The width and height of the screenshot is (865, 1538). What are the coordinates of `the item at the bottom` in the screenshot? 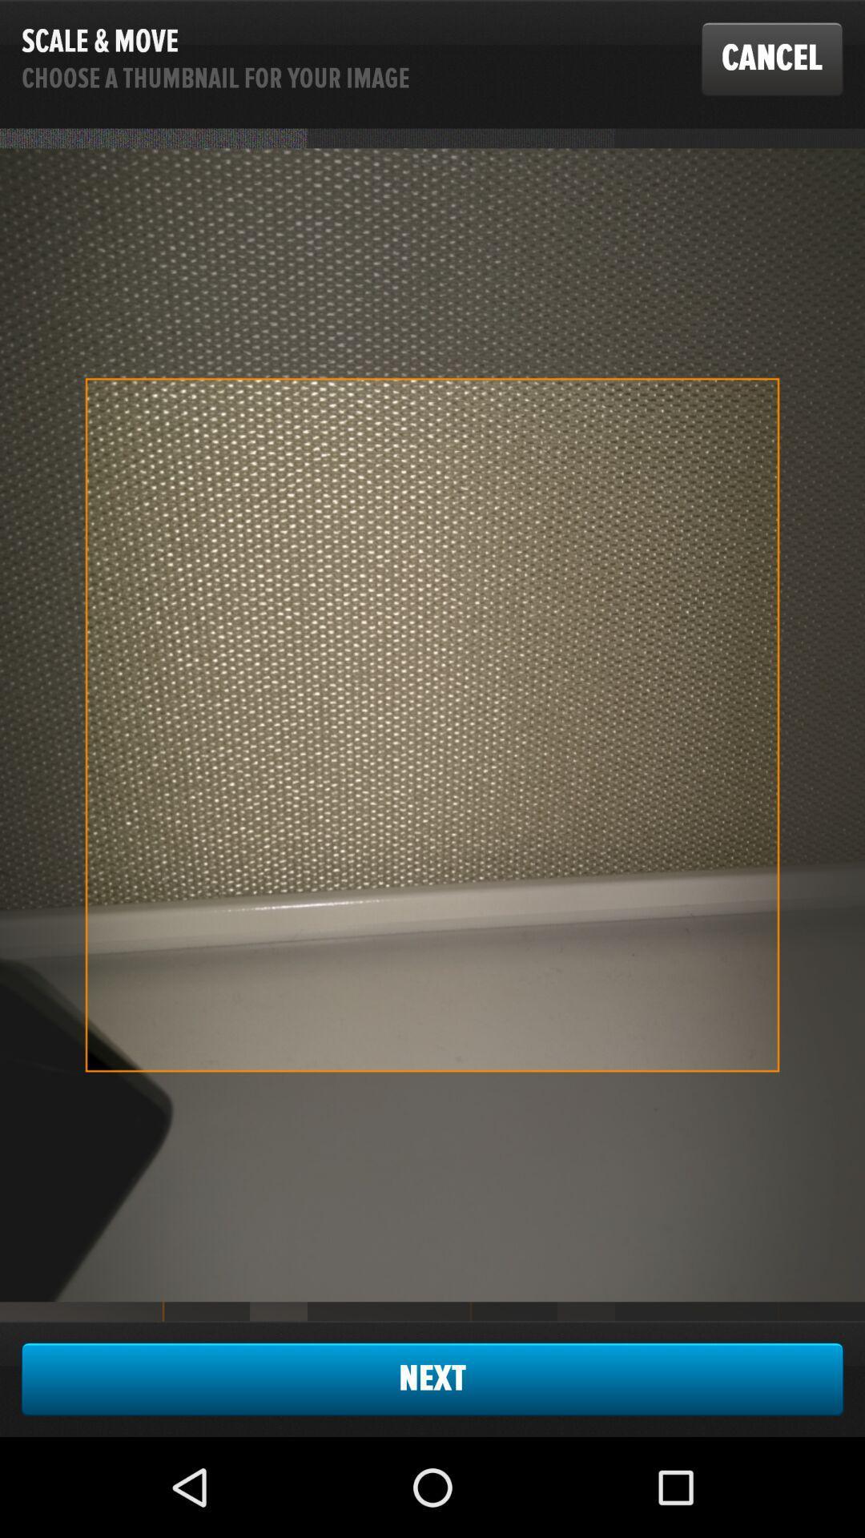 It's located at (432, 1378).